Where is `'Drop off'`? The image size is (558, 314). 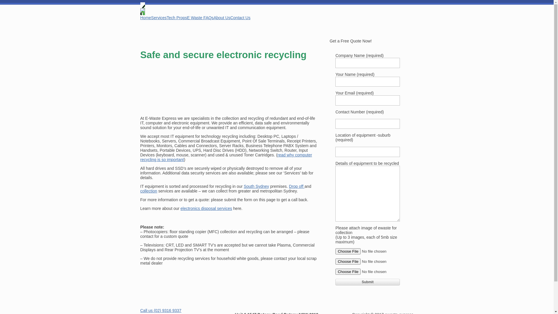 'Drop off' is located at coordinates (296, 186).